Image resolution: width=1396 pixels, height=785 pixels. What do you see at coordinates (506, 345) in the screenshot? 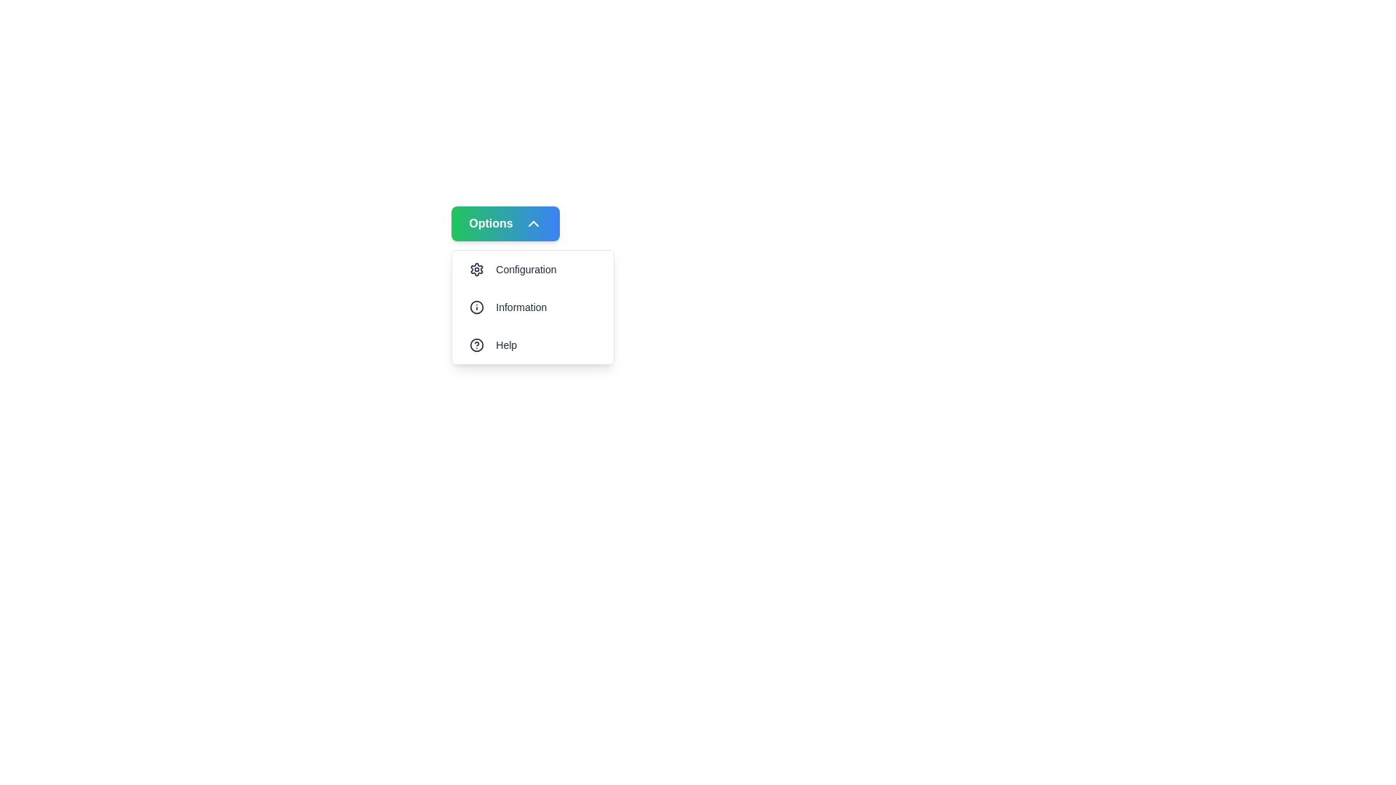
I see `the 'Help' text label element, which is displayed in medium black font and located to the right of a question mark icon` at bounding box center [506, 345].